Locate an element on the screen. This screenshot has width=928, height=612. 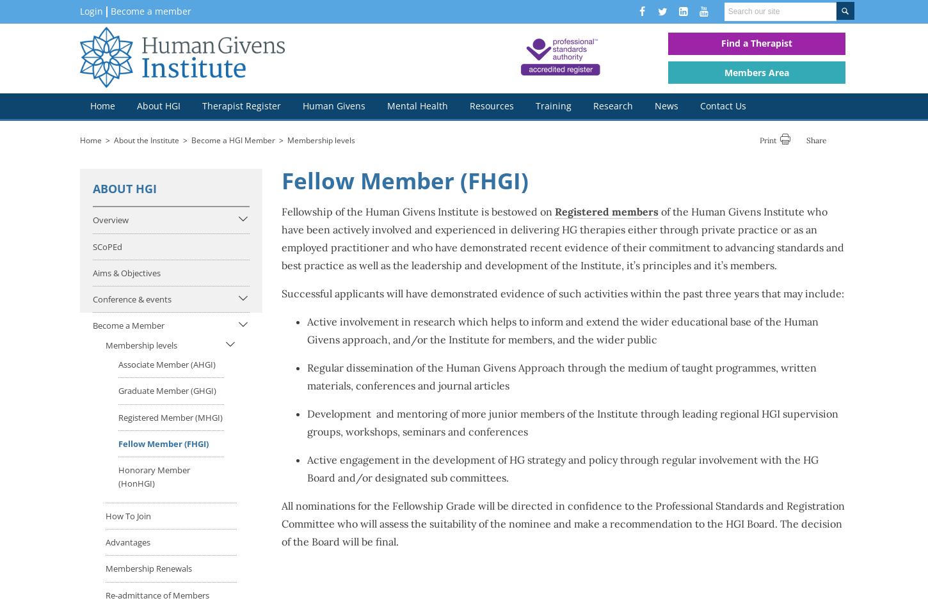
'Active engagement in the development of HG strategy and policy through regular involvement with the HG Board and/or designated sub committees.' is located at coordinates (562, 468).